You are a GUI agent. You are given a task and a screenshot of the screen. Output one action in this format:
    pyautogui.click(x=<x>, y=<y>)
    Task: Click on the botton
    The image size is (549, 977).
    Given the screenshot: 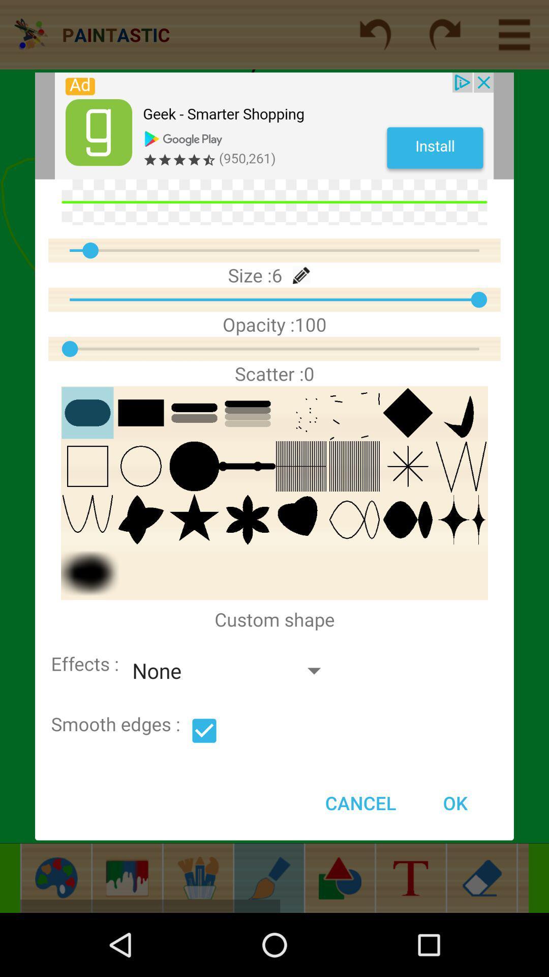 What is the action you would take?
    pyautogui.click(x=204, y=730)
    